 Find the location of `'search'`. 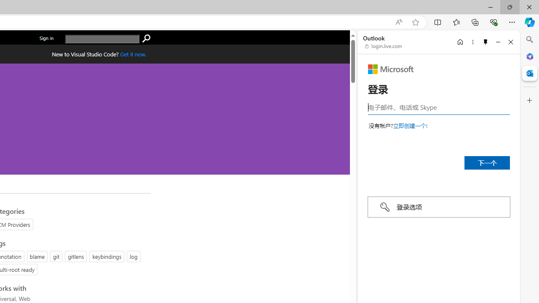

'search' is located at coordinates (146, 39).